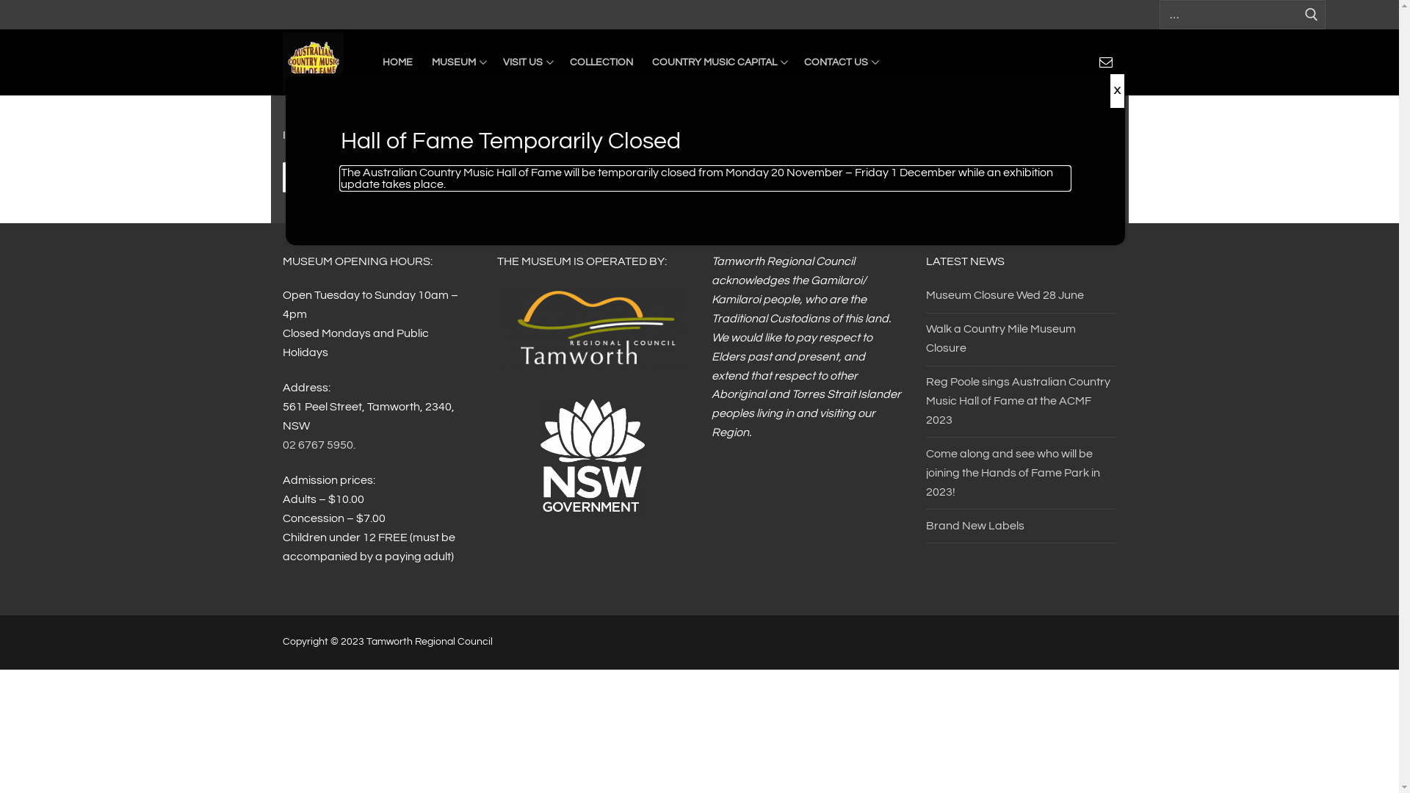  What do you see at coordinates (717, 62) in the screenshot?
I see `'COUNTRY MUSIC CAPITAL` at bounding box center [717, 62].